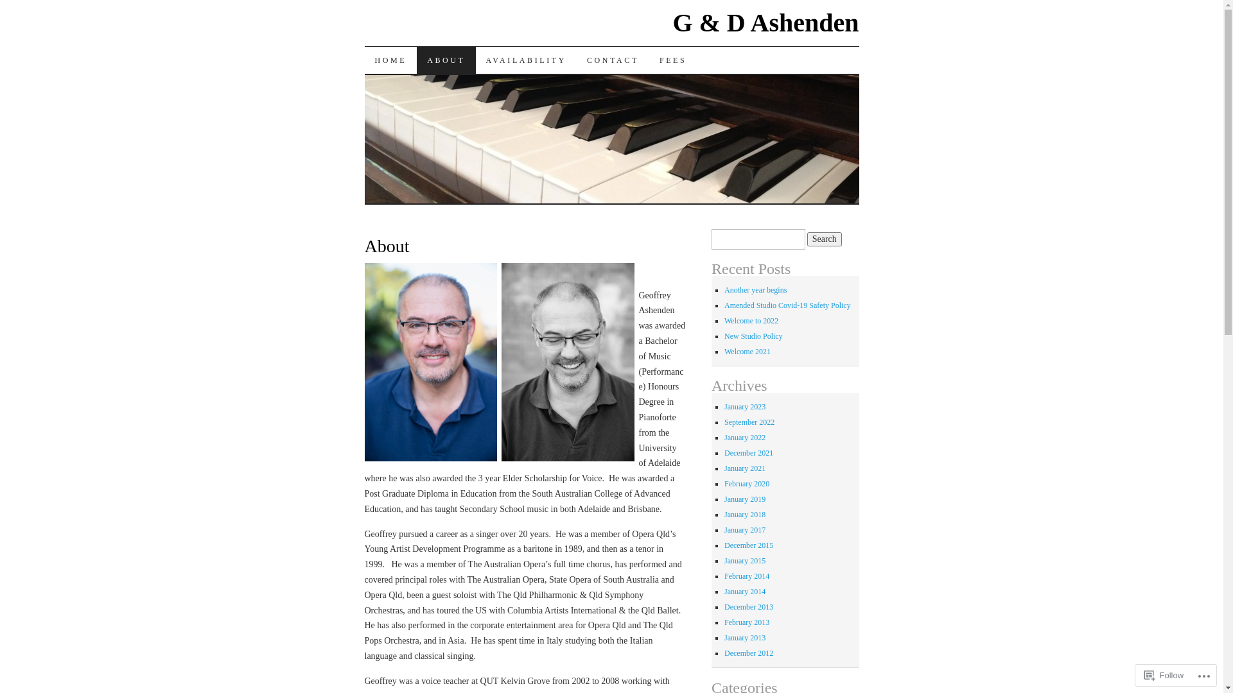  What do you see at coordinates (746, 576) in the screenshot?
I see `'February 2014'` at bounding box center [746, 576].